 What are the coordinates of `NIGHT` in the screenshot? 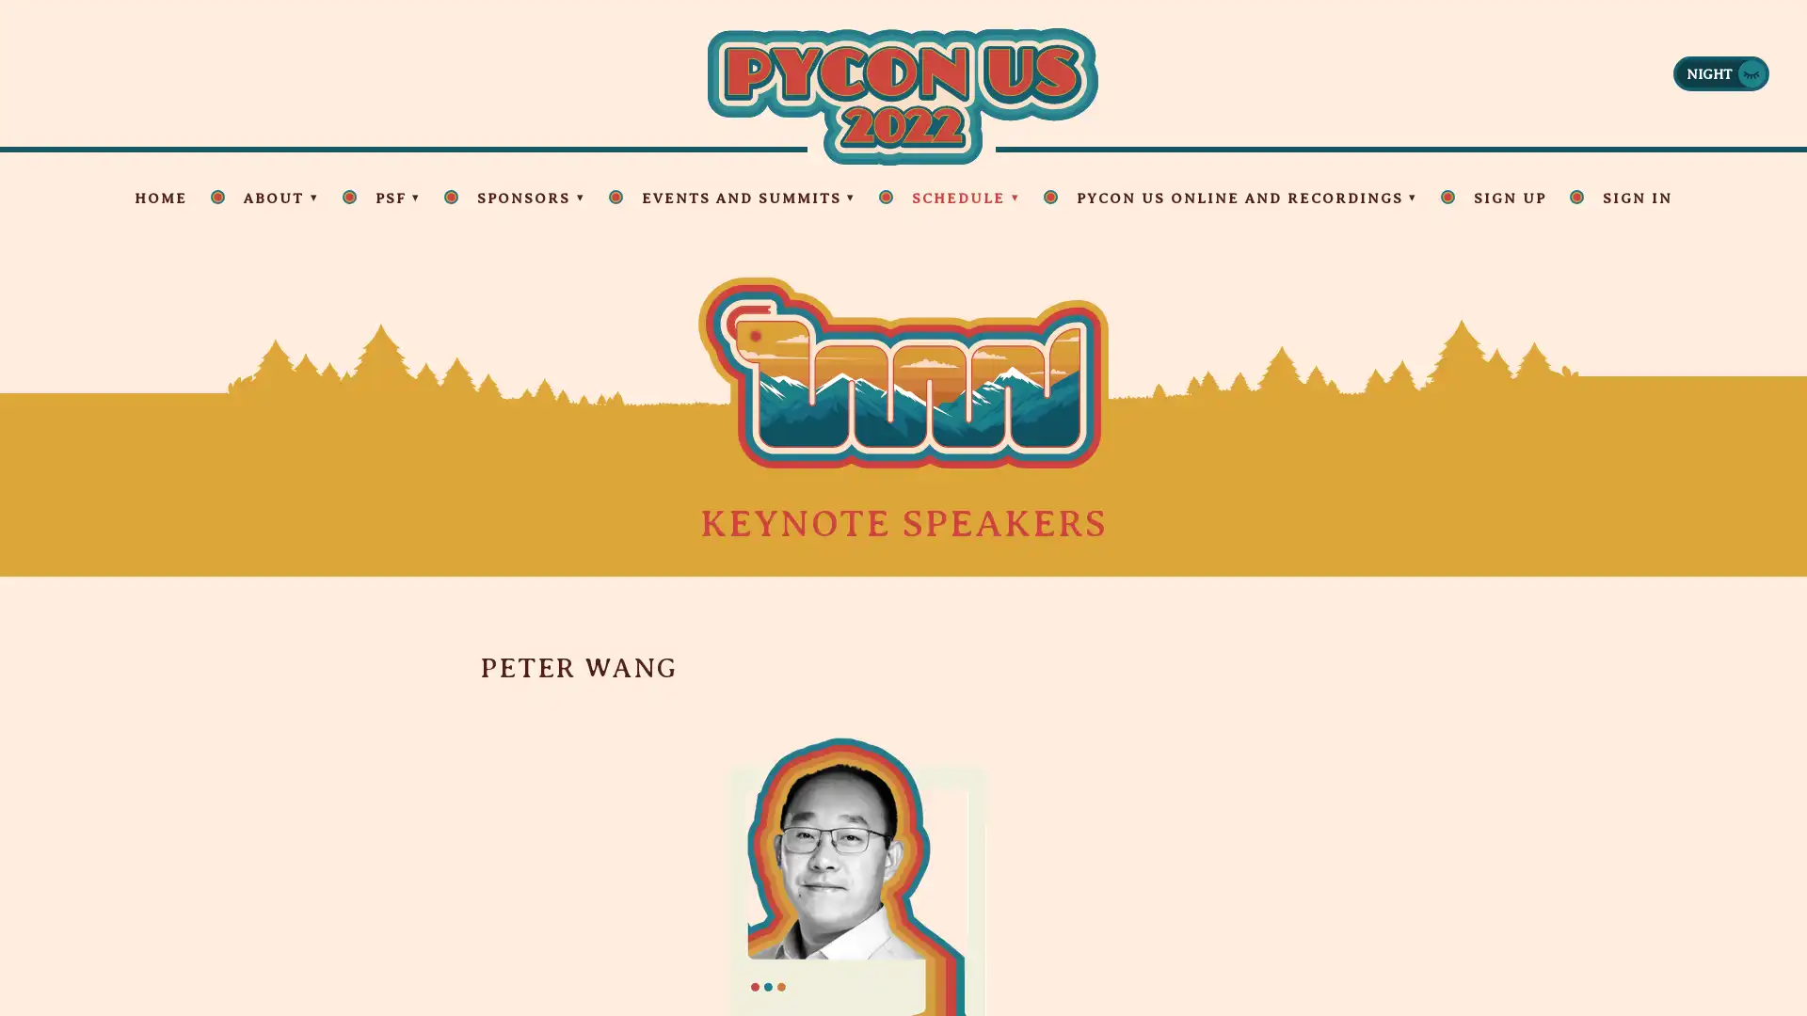 It's located at (1720, 71).